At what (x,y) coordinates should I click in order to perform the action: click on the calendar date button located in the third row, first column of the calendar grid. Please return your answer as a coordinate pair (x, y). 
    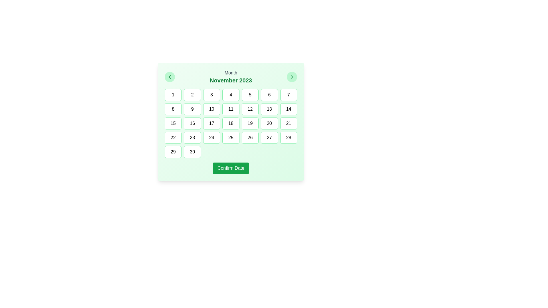
    Looking at the image, I should click on (173, 123).